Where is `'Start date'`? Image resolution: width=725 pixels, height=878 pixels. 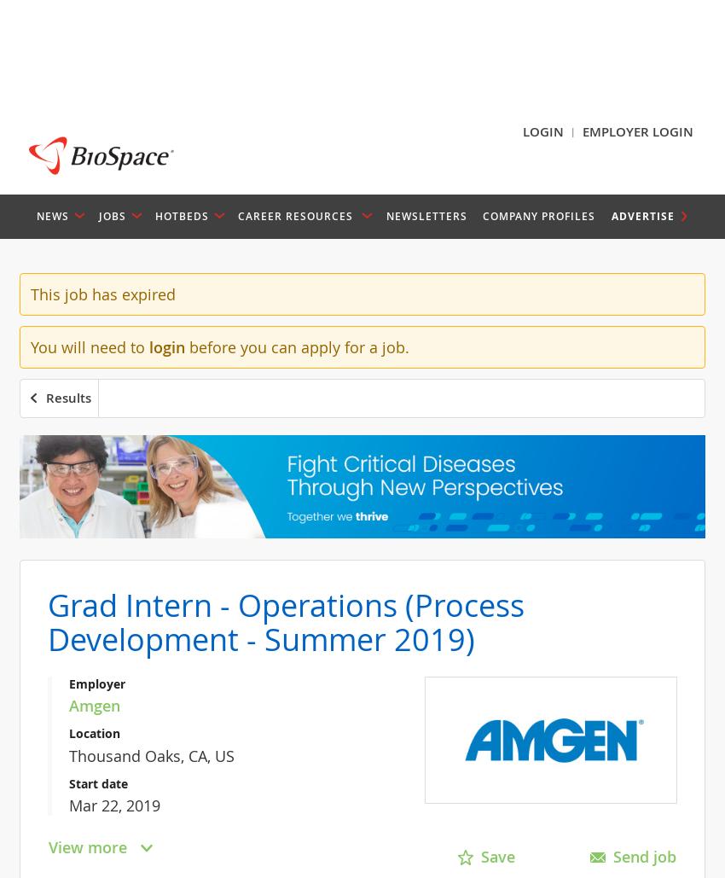
'Start date' is located at coordinates (96, 782).